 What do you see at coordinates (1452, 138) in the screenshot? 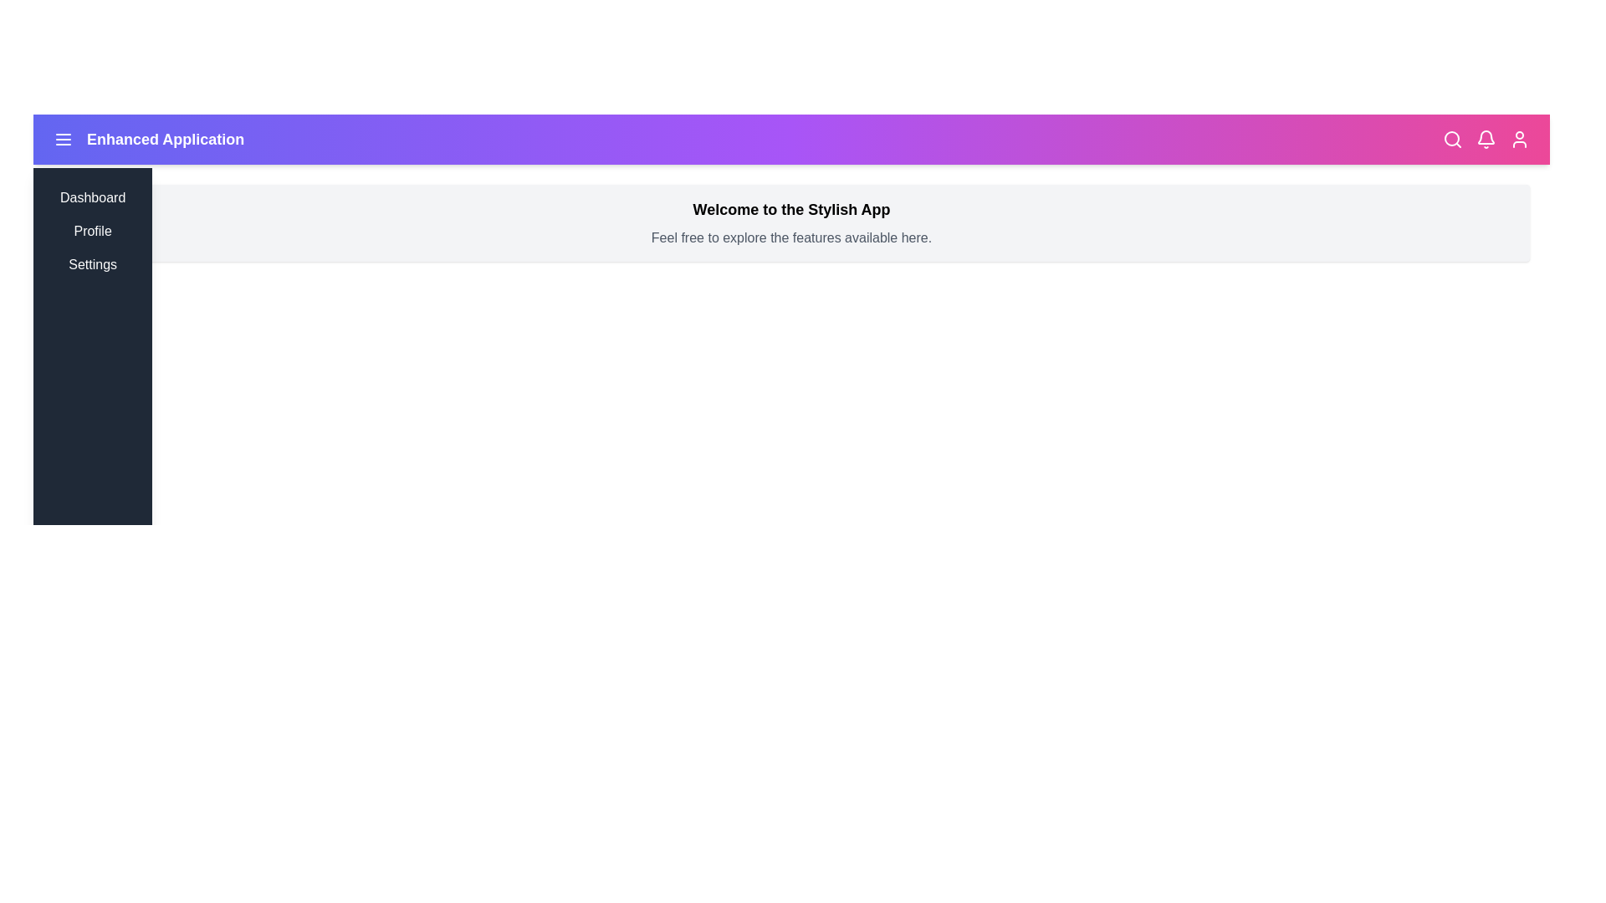
I see `the search icon to initiate a search action` at bounding box center [1452, 138].